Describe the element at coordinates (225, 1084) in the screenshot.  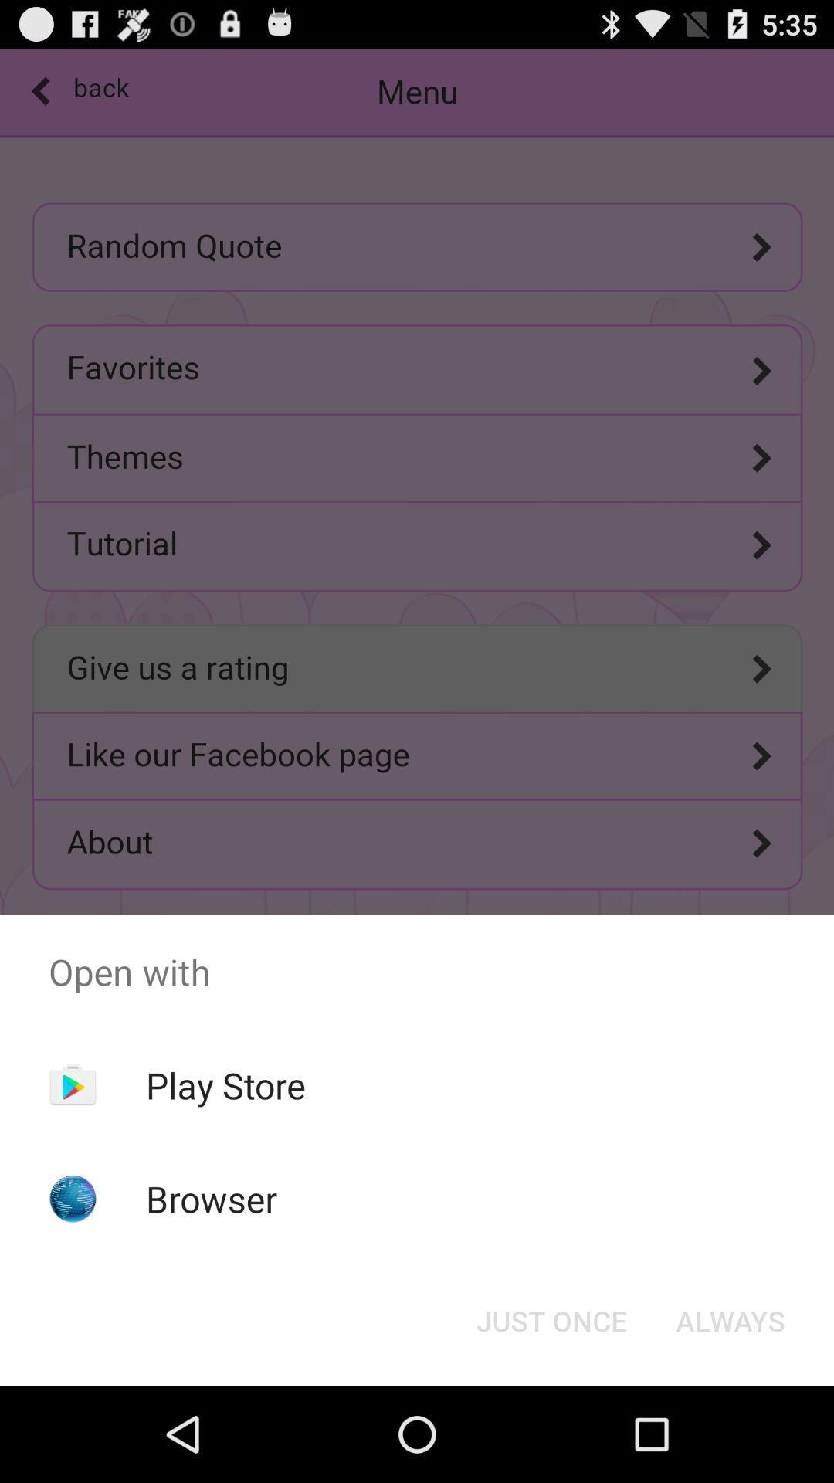
I see `play store` at that location.